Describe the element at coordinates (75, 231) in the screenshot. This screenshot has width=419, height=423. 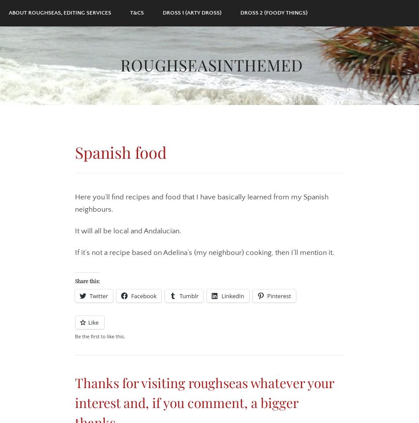
I see `'It will all be local and Andalucían.'` at that location.